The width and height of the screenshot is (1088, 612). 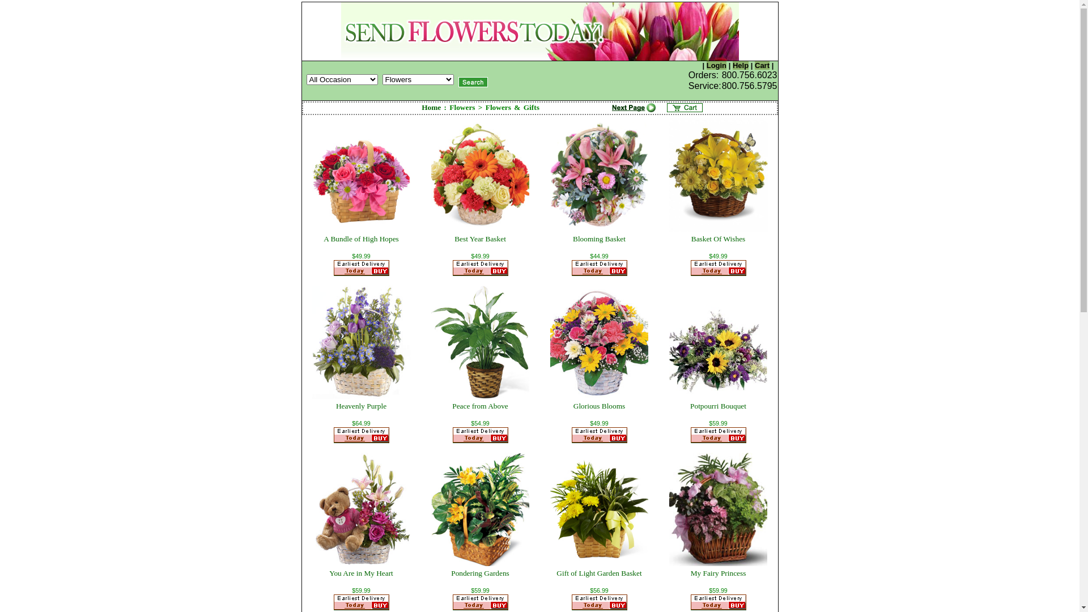 What do you see at coordinates (716, 65) in the screenshot?
I see `'Login'` at bounding box center [716, 65].